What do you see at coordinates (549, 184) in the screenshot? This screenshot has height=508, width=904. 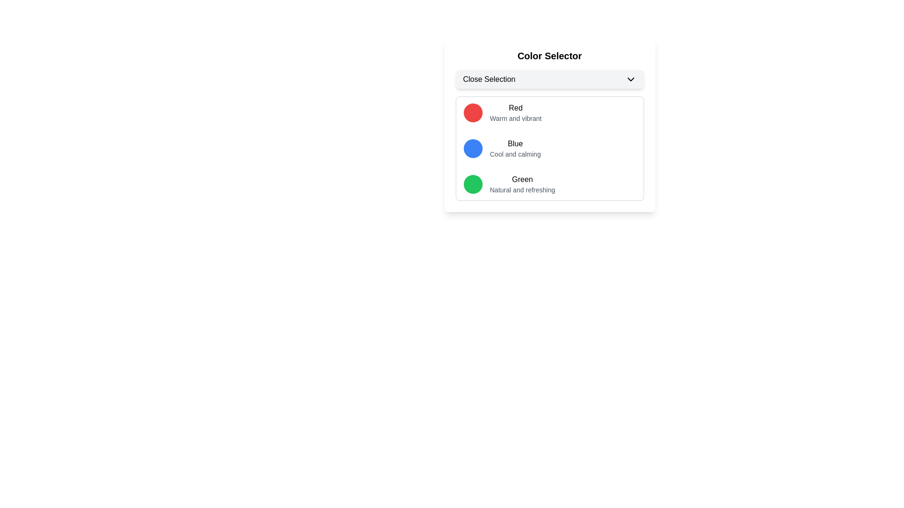 I see `the third selectable list item that contains a circular green icon and the texts 'Green' and 'Natural and refreshing'` at bounding box center [549, 184].